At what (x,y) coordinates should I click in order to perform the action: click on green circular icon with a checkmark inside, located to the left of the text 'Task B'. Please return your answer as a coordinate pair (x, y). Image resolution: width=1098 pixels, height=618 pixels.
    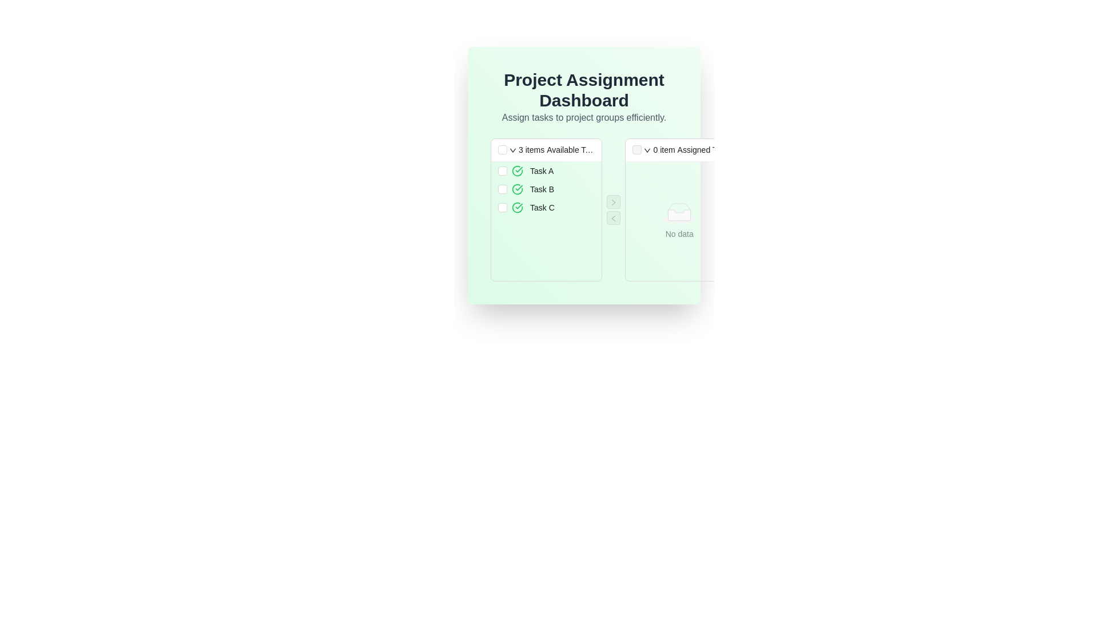
    Looking at the image, I should click on (517, 189).